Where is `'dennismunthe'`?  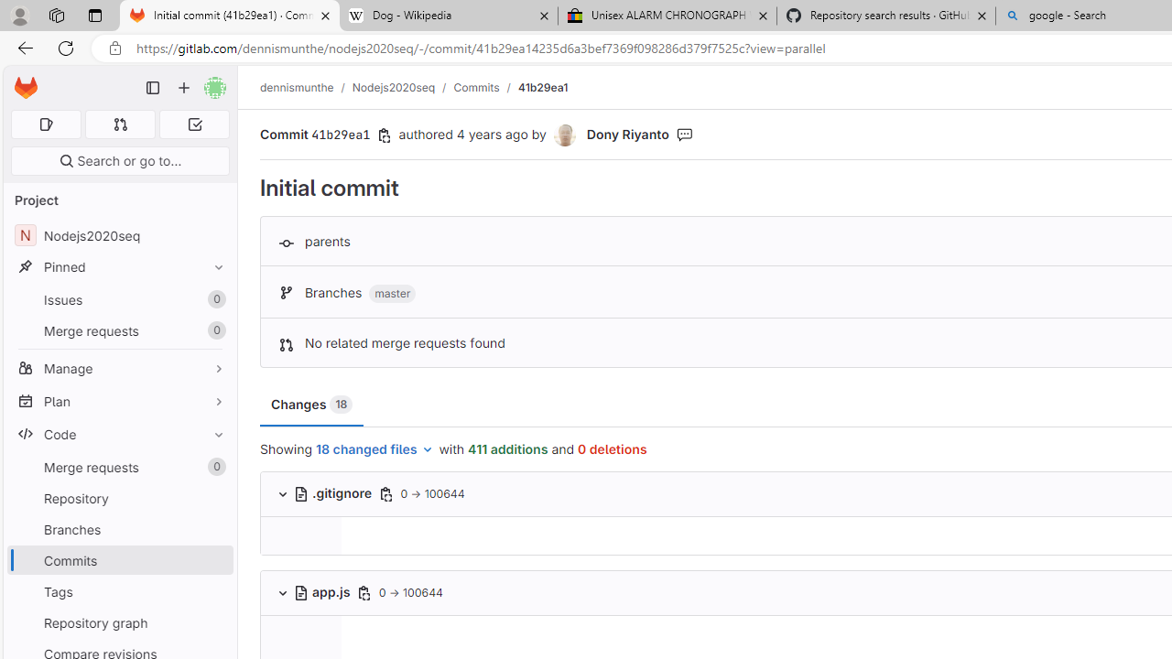 'dennismunthe' is located at coordinates (297, 87).